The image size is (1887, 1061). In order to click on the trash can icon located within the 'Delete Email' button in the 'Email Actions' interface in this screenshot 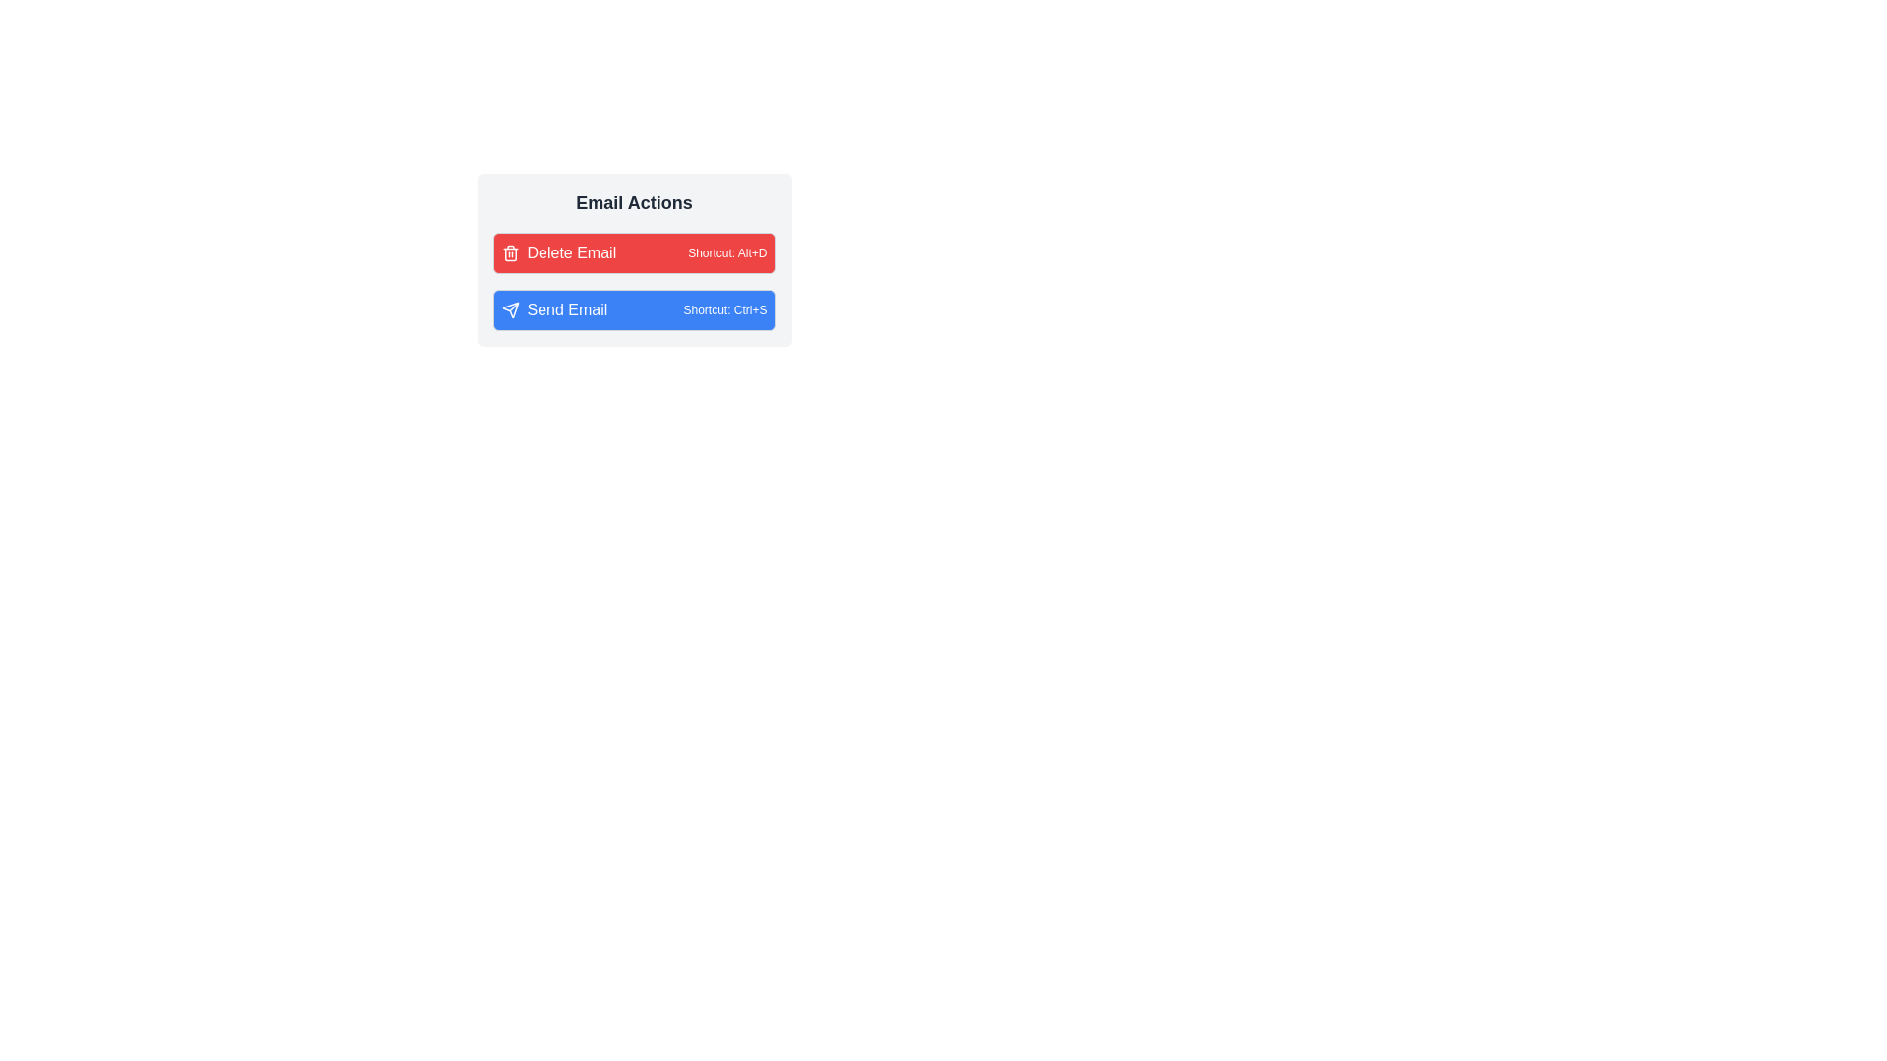, I will do `click(510, 252)`.